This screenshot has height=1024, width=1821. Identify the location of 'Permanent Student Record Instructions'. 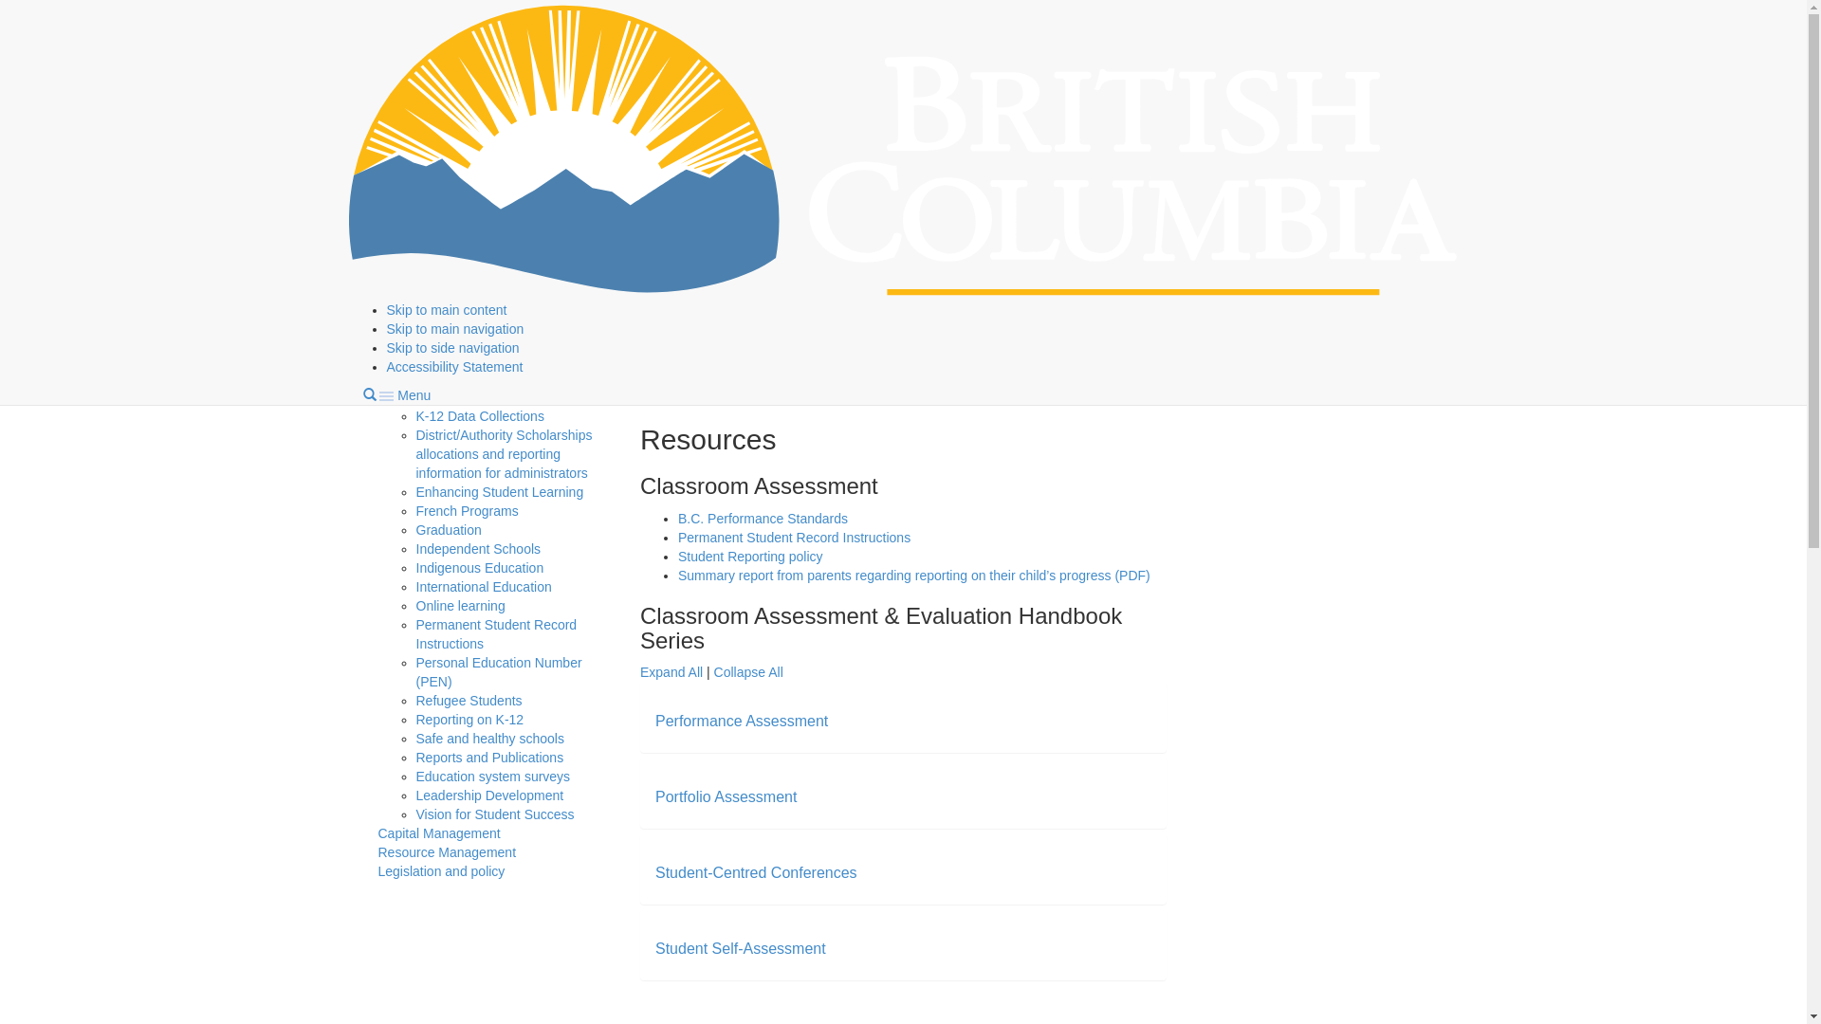
(794, 538).